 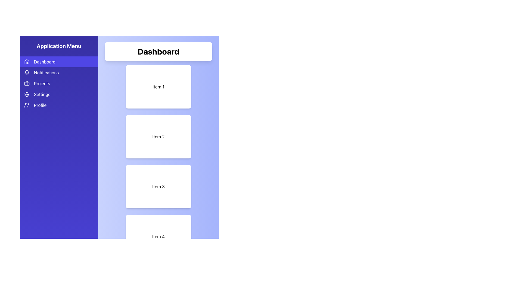 What do you see at coordinates (27, 72) in the screenshot?
I see `the vector graphic component of the notification icon located in the vertical navigation menu, which represents the bell's body in the design` at bounding box center [27, 72].